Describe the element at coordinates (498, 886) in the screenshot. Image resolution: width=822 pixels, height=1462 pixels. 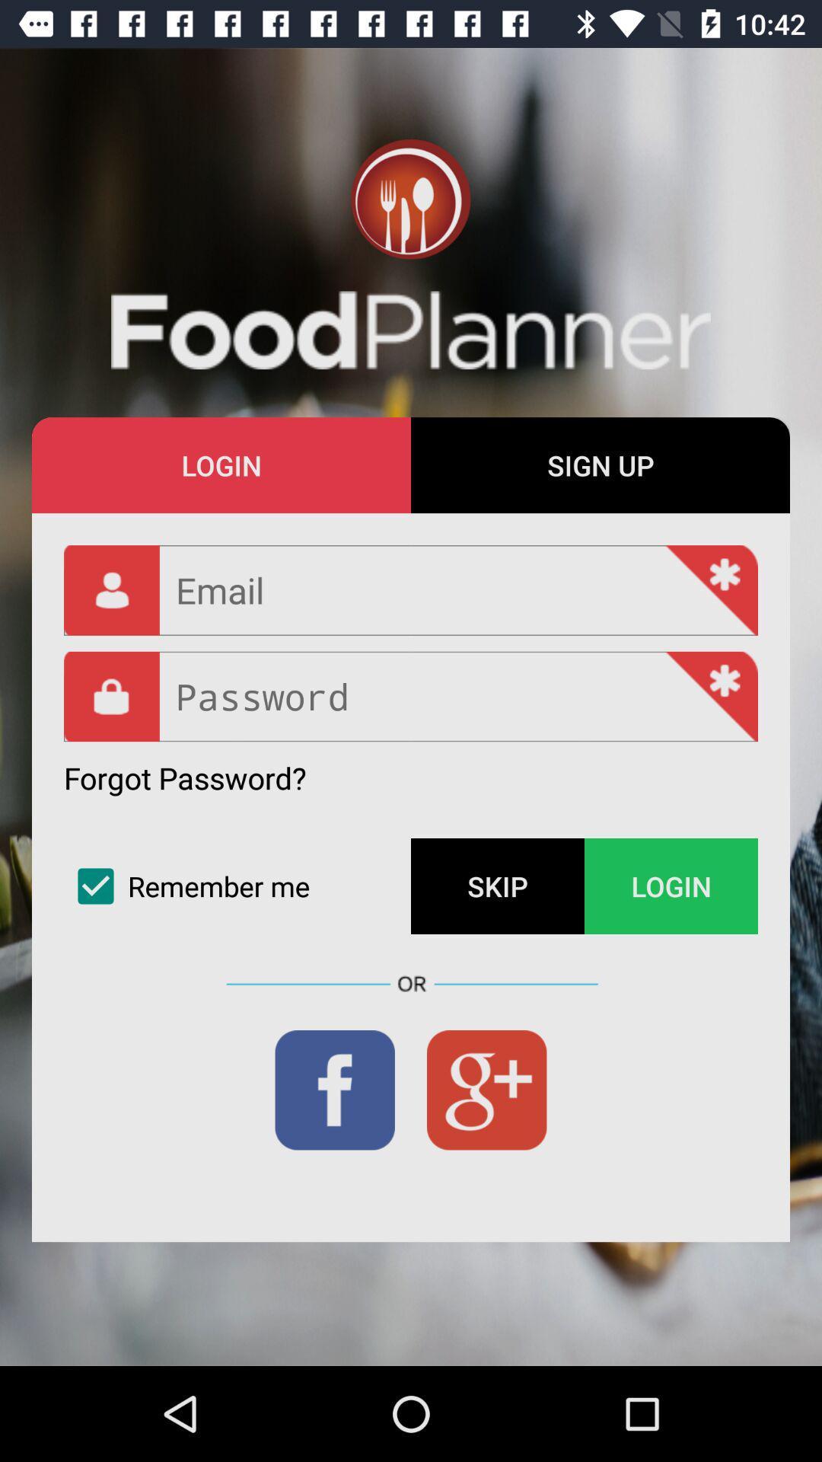
I see `the item to the left of login item` at that location.